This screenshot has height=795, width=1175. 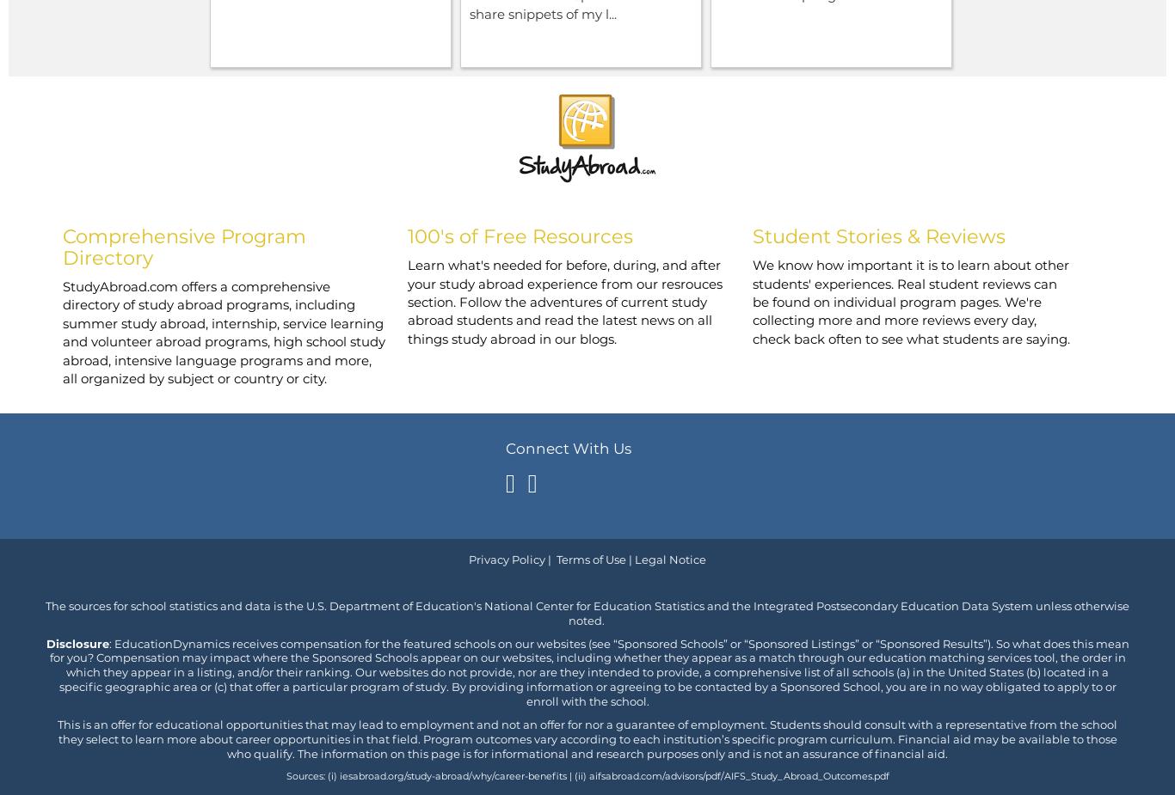 What do you see at coordinates (138, 642) in the screenshot?
I see `': Education'` at bounding box center [138, 642].